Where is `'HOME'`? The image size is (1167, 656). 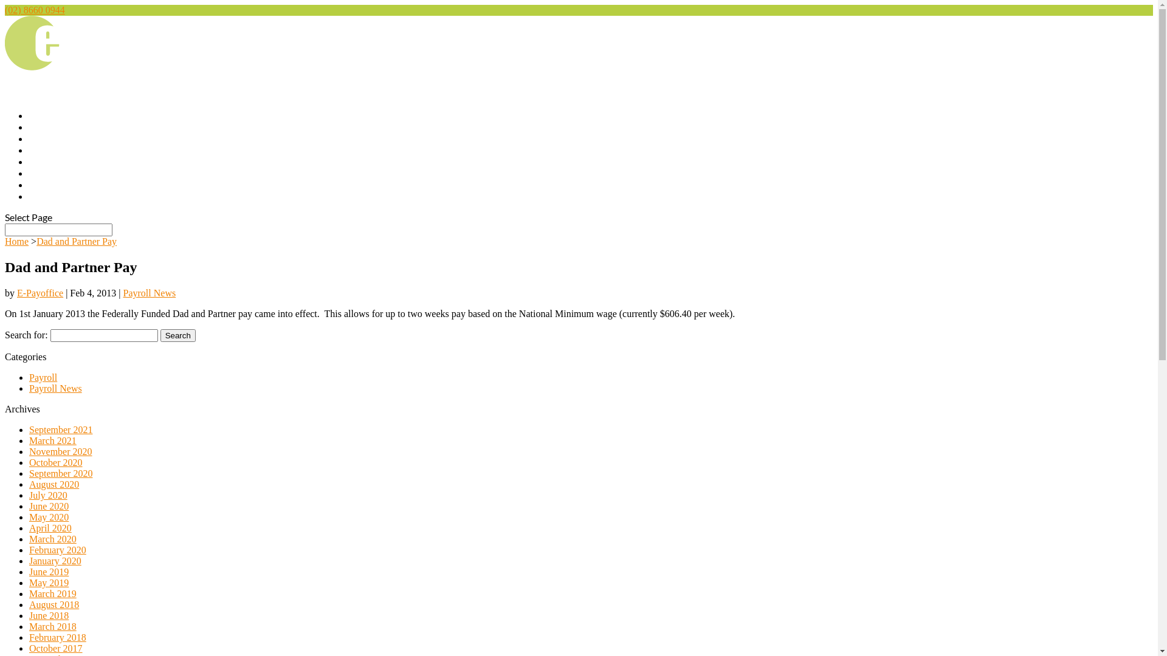 'HOME' is located at coordinates (44, 129).